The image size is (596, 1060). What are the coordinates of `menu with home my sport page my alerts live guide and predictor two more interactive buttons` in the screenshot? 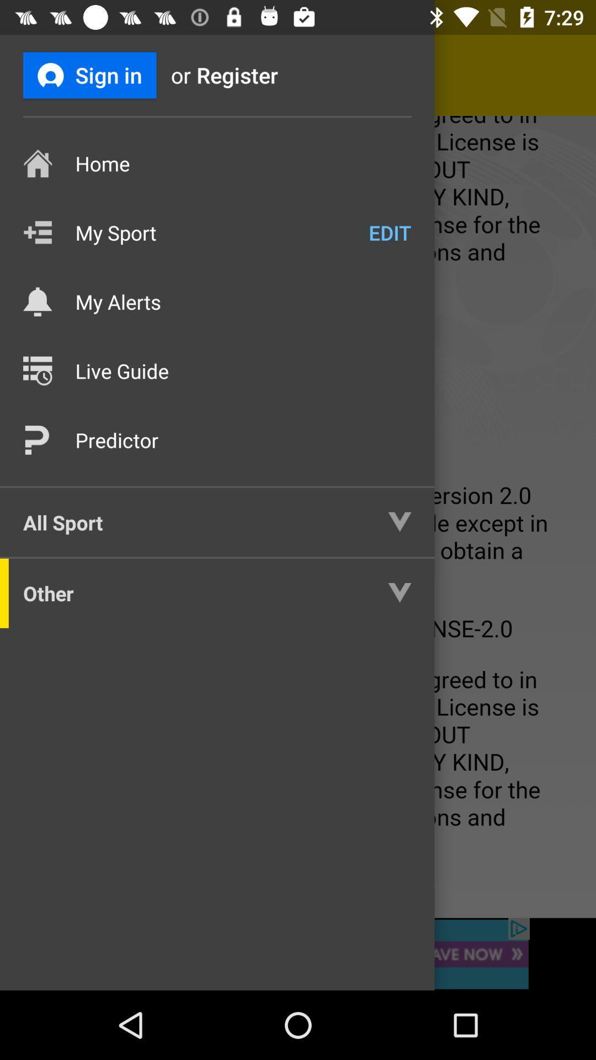 It's located at (298, 516).